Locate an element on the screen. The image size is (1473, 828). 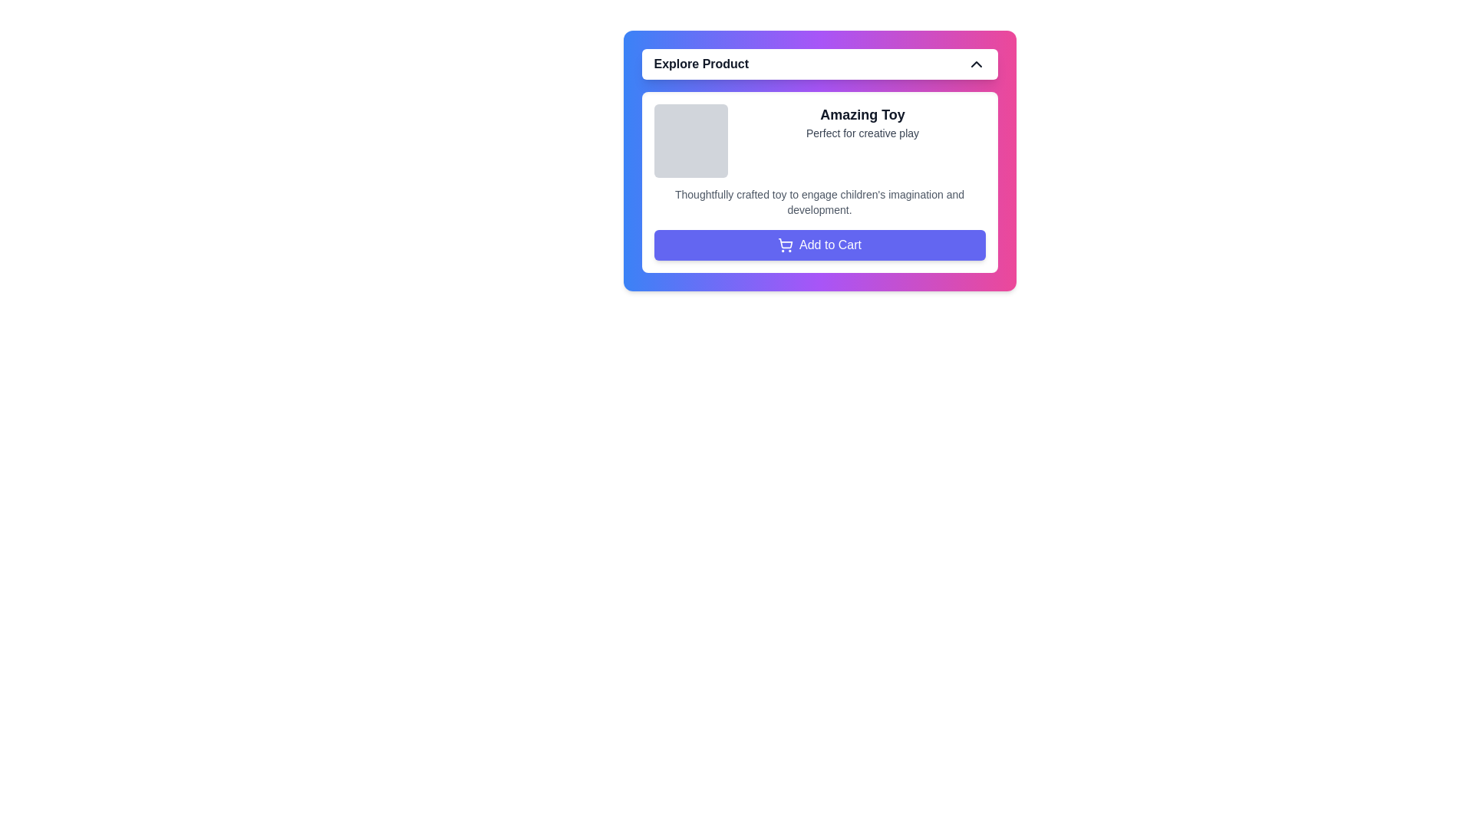
text label that says 'Perfect for creative play', which is styled in a small gray font and positioned below the title 'Amazing Toy' is located at coordinates (862, 132).